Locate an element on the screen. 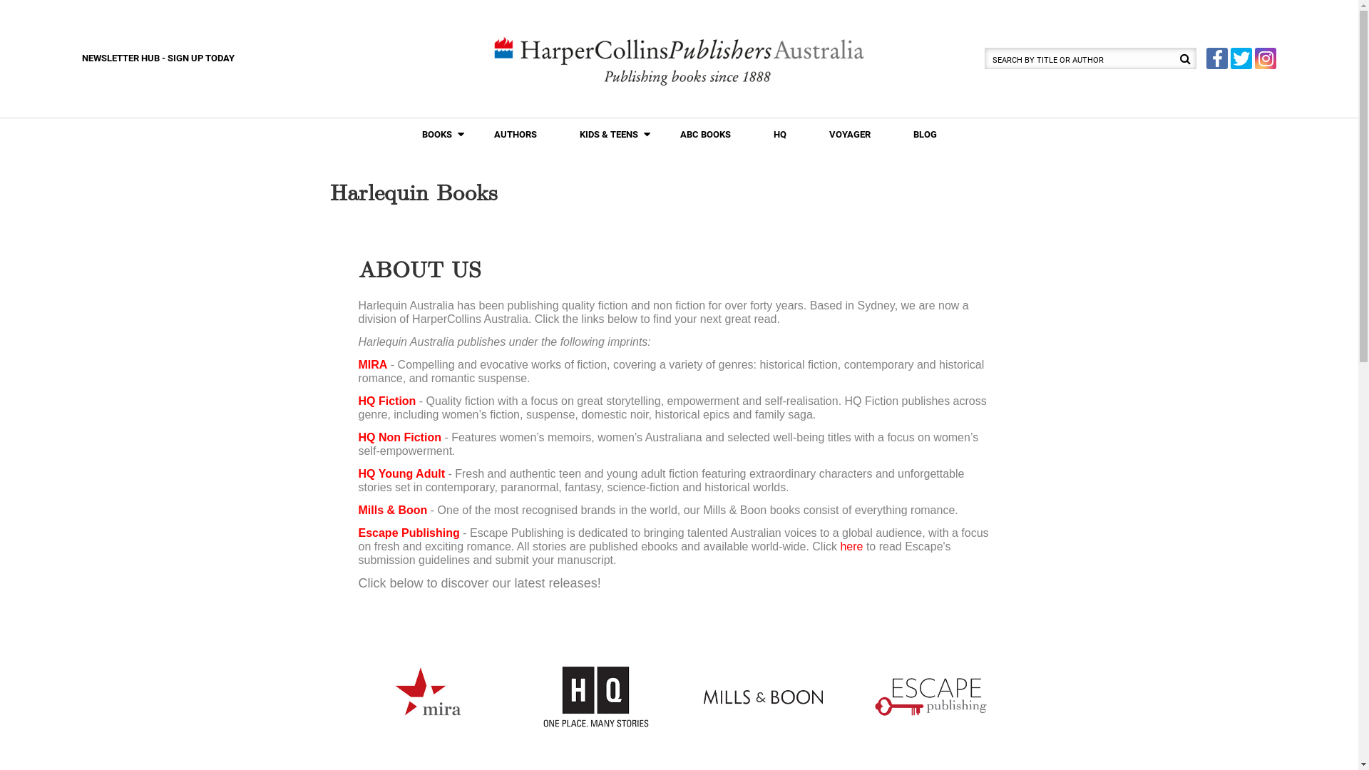  'BLOG' is located at coordinates (924, 135).